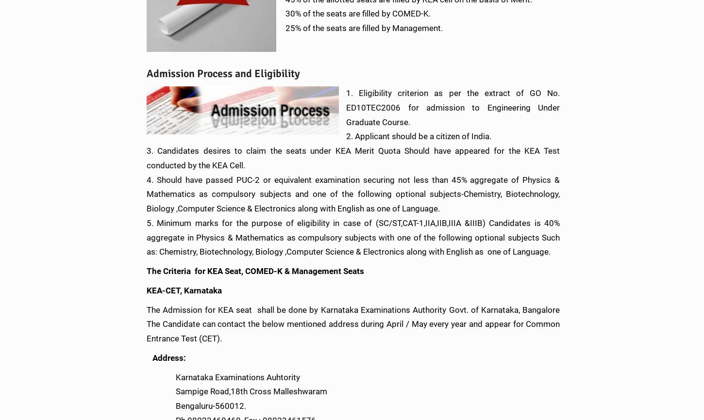  Describe the element at coordinates (169, 356) in the screenshot. I see `'Address:'` at that location.